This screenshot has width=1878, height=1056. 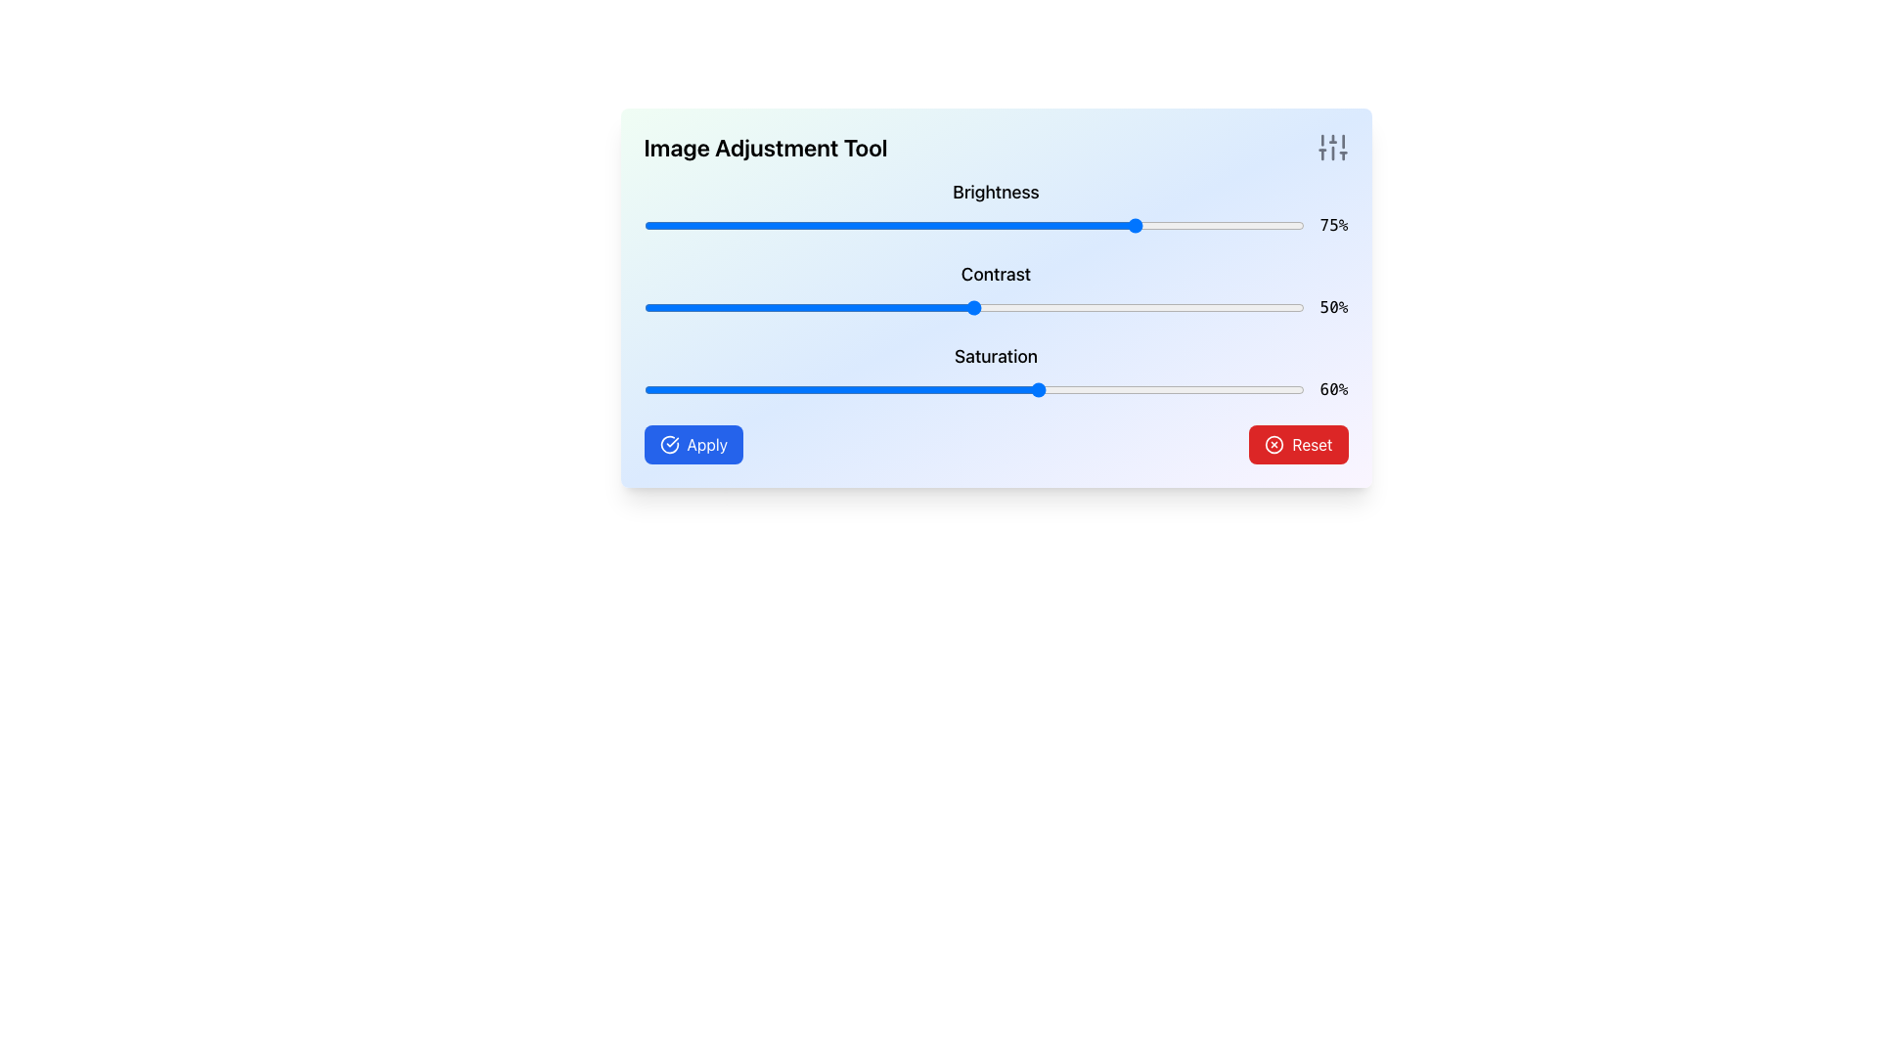 What do you see at coordinates (1331, 146) in the screenshot?
I see `the vertical sliders icon at the top-right corner of the interface` at bounding box center [1331, 146].